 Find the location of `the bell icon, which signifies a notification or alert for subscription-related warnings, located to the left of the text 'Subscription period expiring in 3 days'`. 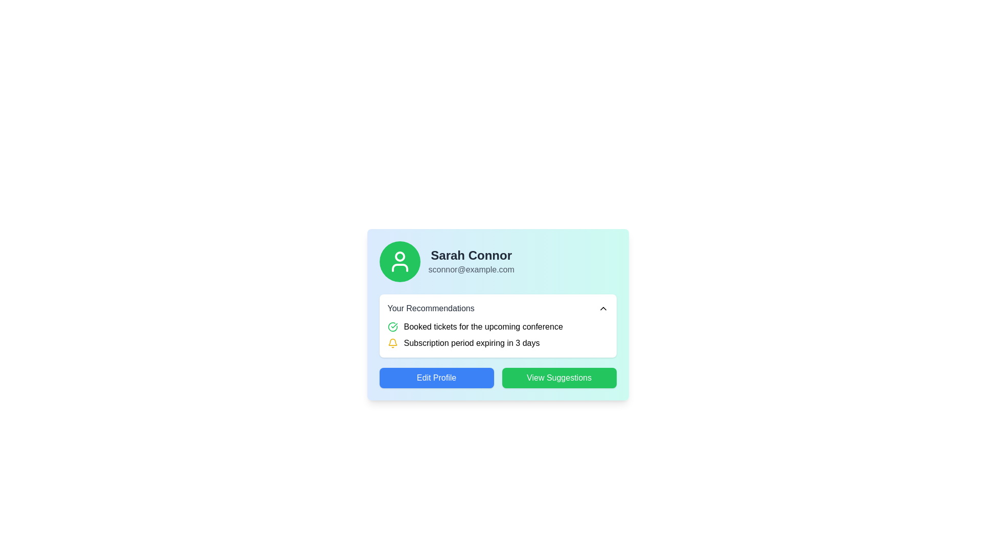

the bell icon, which signifies a notification or alert for subscription-related warnings, located to the left of the text 'Subscription period expiring in 3 days' is located at coordinates (392, 343).